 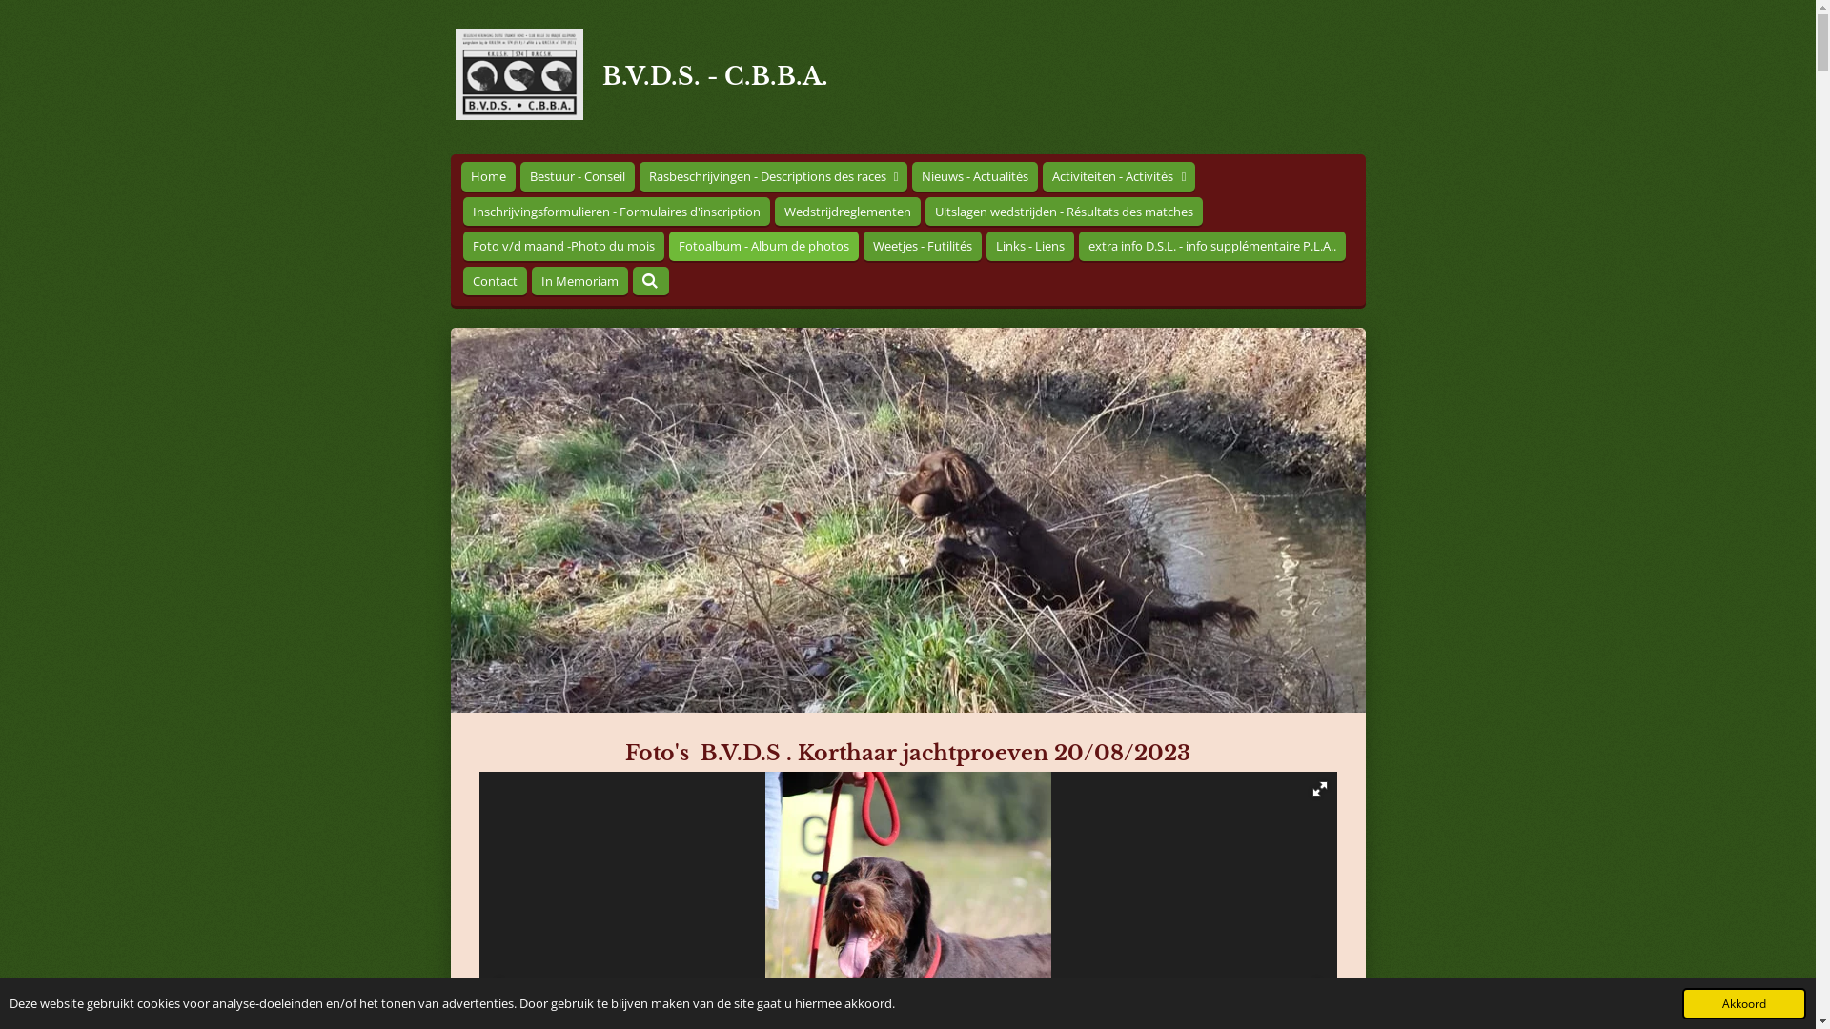 I want to click on 'Contact', so click(x=495, y=281).